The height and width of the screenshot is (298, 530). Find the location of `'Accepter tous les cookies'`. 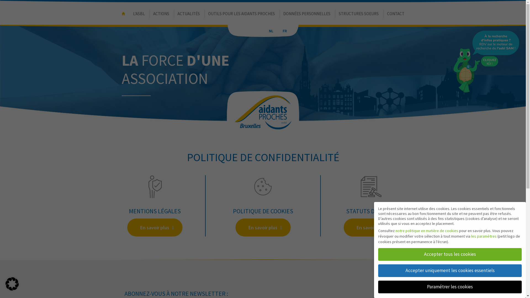

'Accepter tous les cookies' is located at coordinates (450, 254).